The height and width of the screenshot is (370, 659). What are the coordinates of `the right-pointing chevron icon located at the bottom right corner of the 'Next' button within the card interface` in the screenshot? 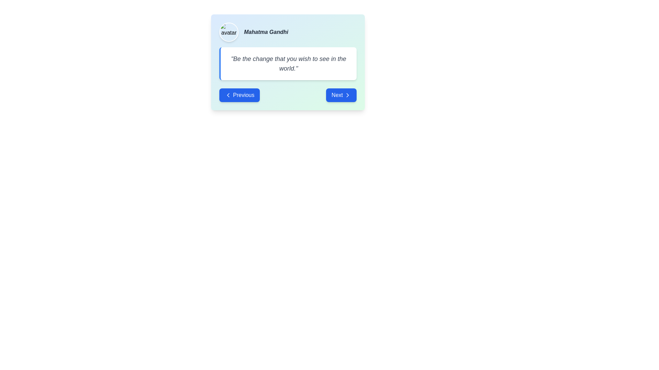 It's located at (347, 95).